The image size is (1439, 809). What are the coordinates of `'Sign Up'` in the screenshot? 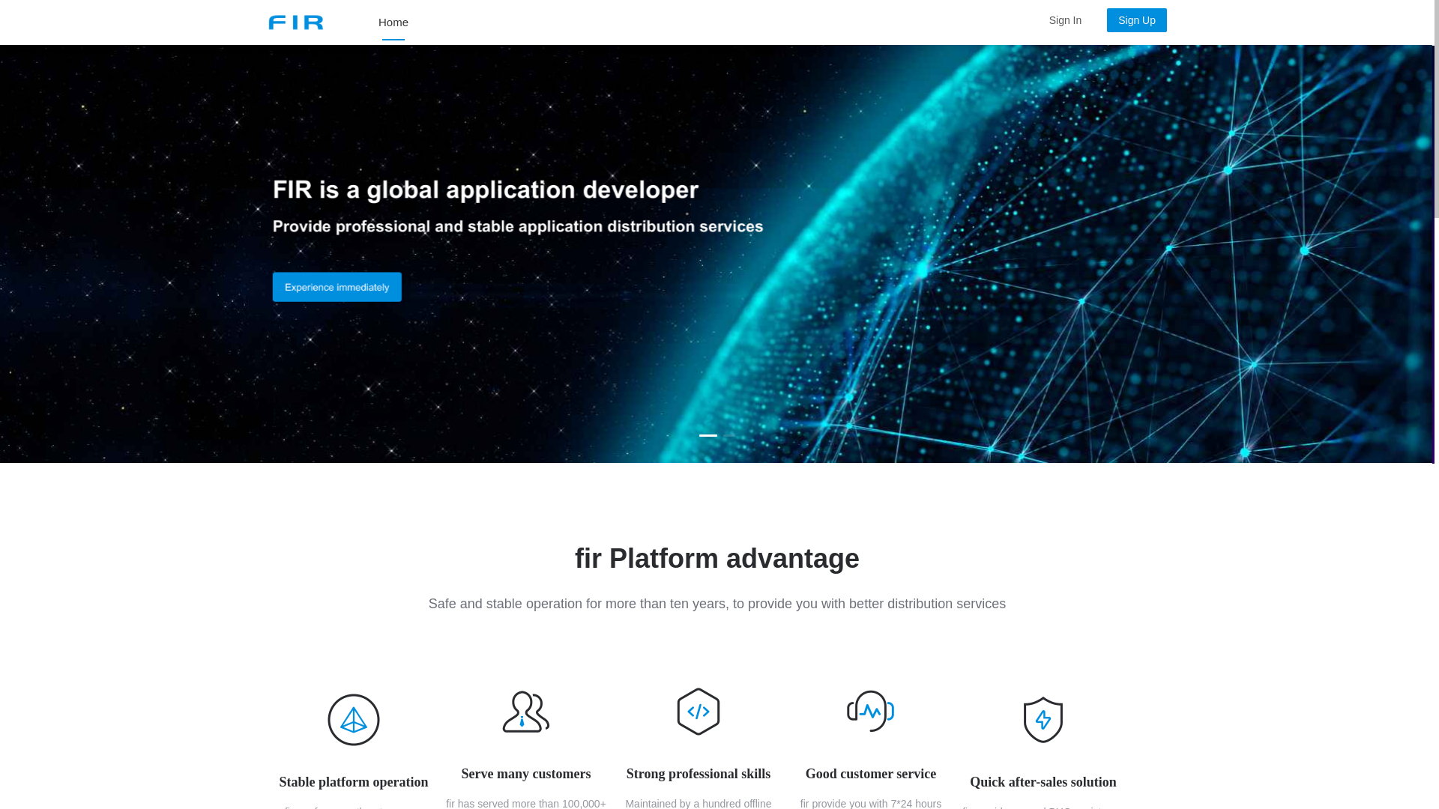 It's located at (1131, 20).